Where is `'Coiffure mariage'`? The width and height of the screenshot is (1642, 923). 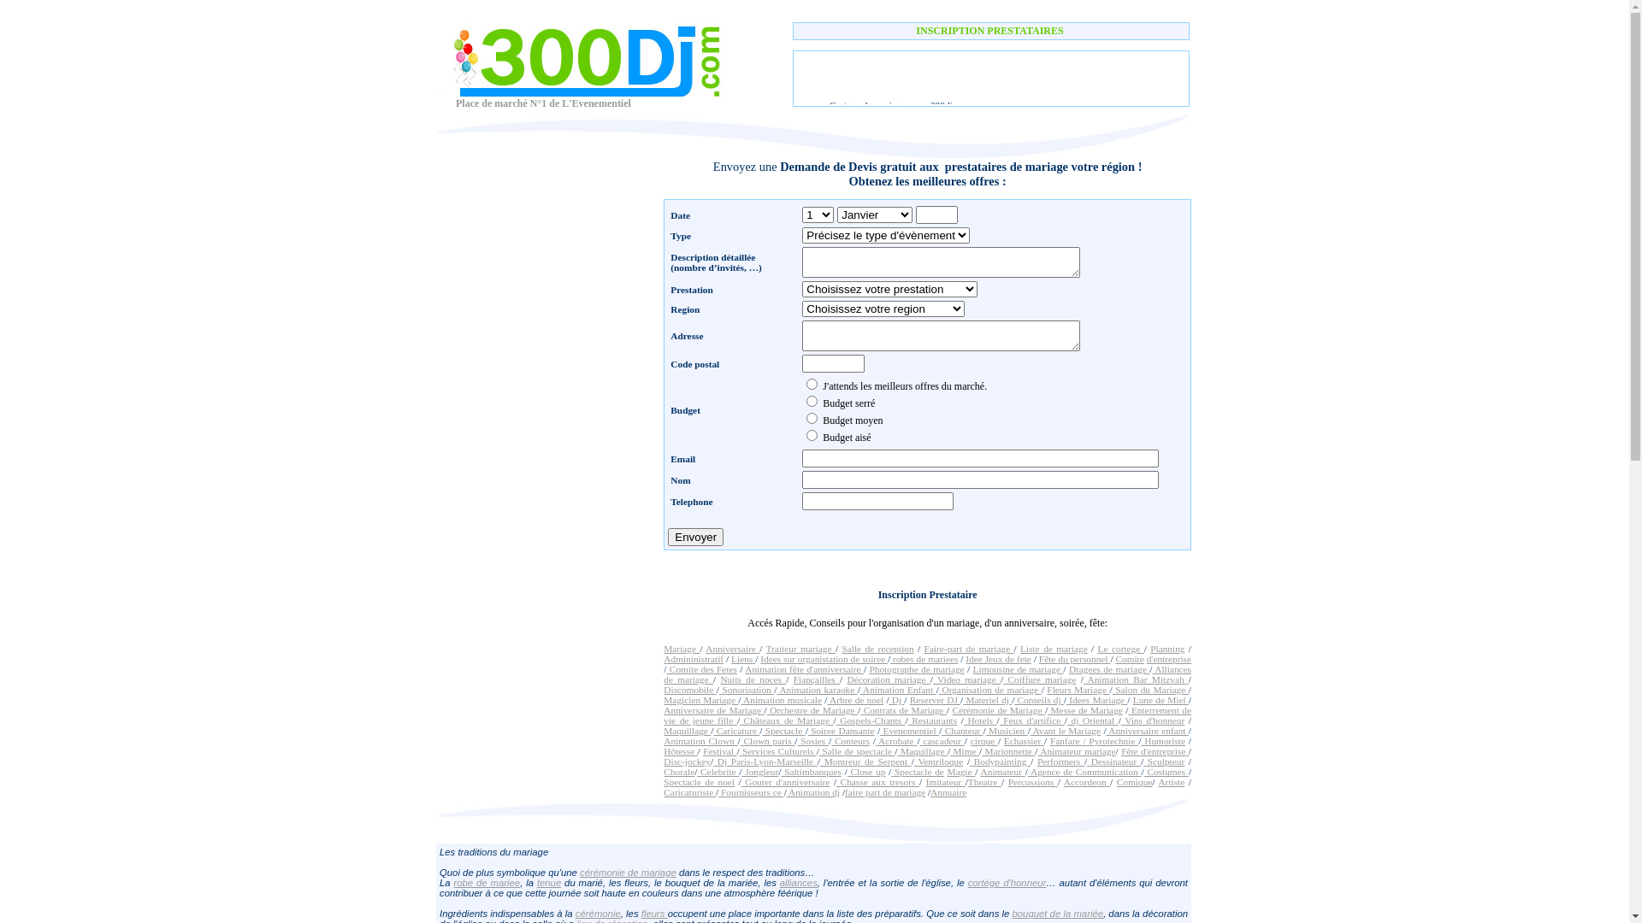 'Coiffure mariage' is located at coordinates (1038, 678).